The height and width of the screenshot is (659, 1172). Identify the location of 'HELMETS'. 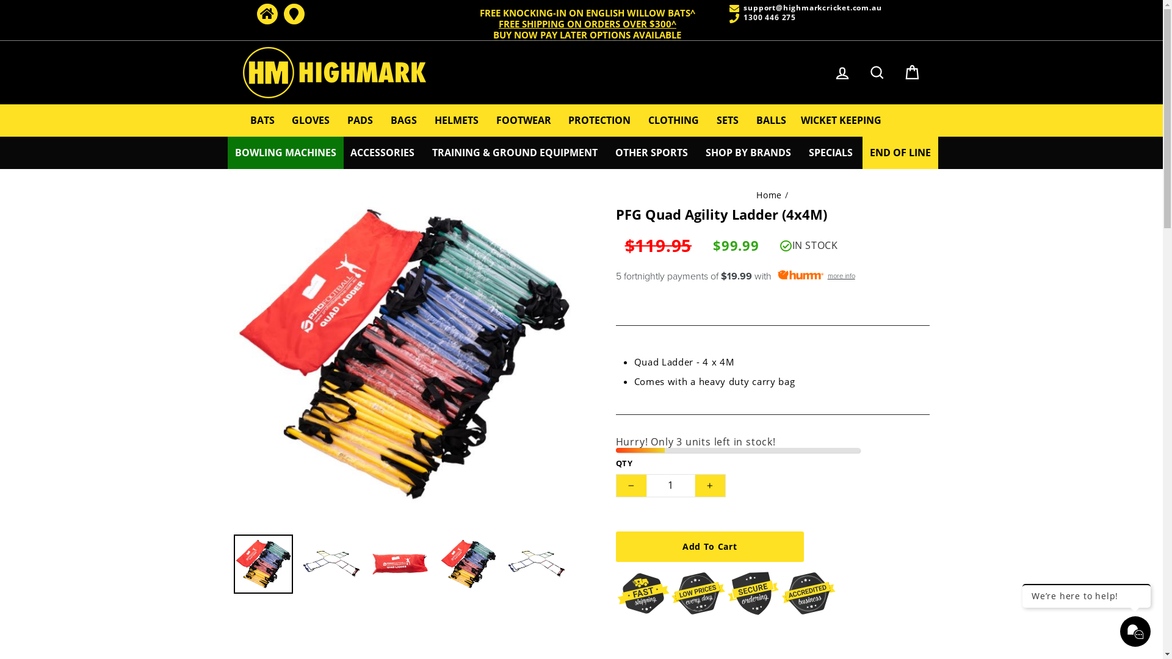
(427, 120).